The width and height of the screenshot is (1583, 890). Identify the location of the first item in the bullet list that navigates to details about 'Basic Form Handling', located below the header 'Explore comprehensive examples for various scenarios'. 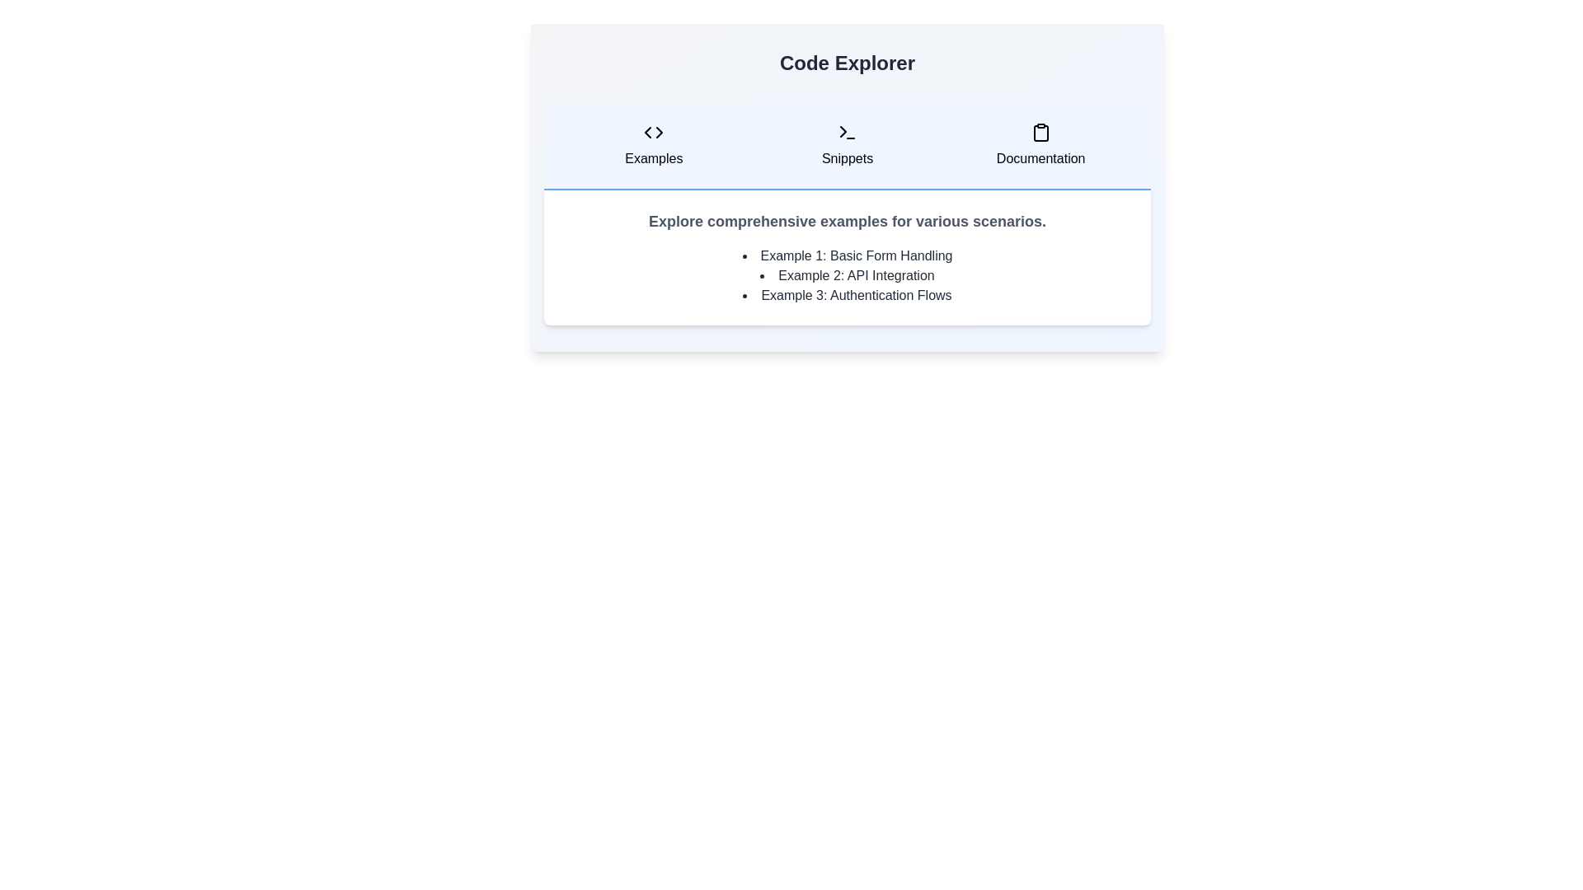
(847, 256).